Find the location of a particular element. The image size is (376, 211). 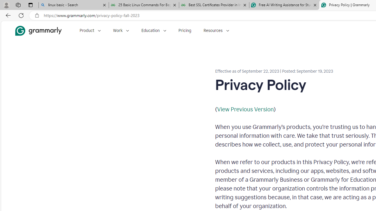

'Free AI Writing Assistance for Students | Grammarly' is located at coordinates (284, 5).